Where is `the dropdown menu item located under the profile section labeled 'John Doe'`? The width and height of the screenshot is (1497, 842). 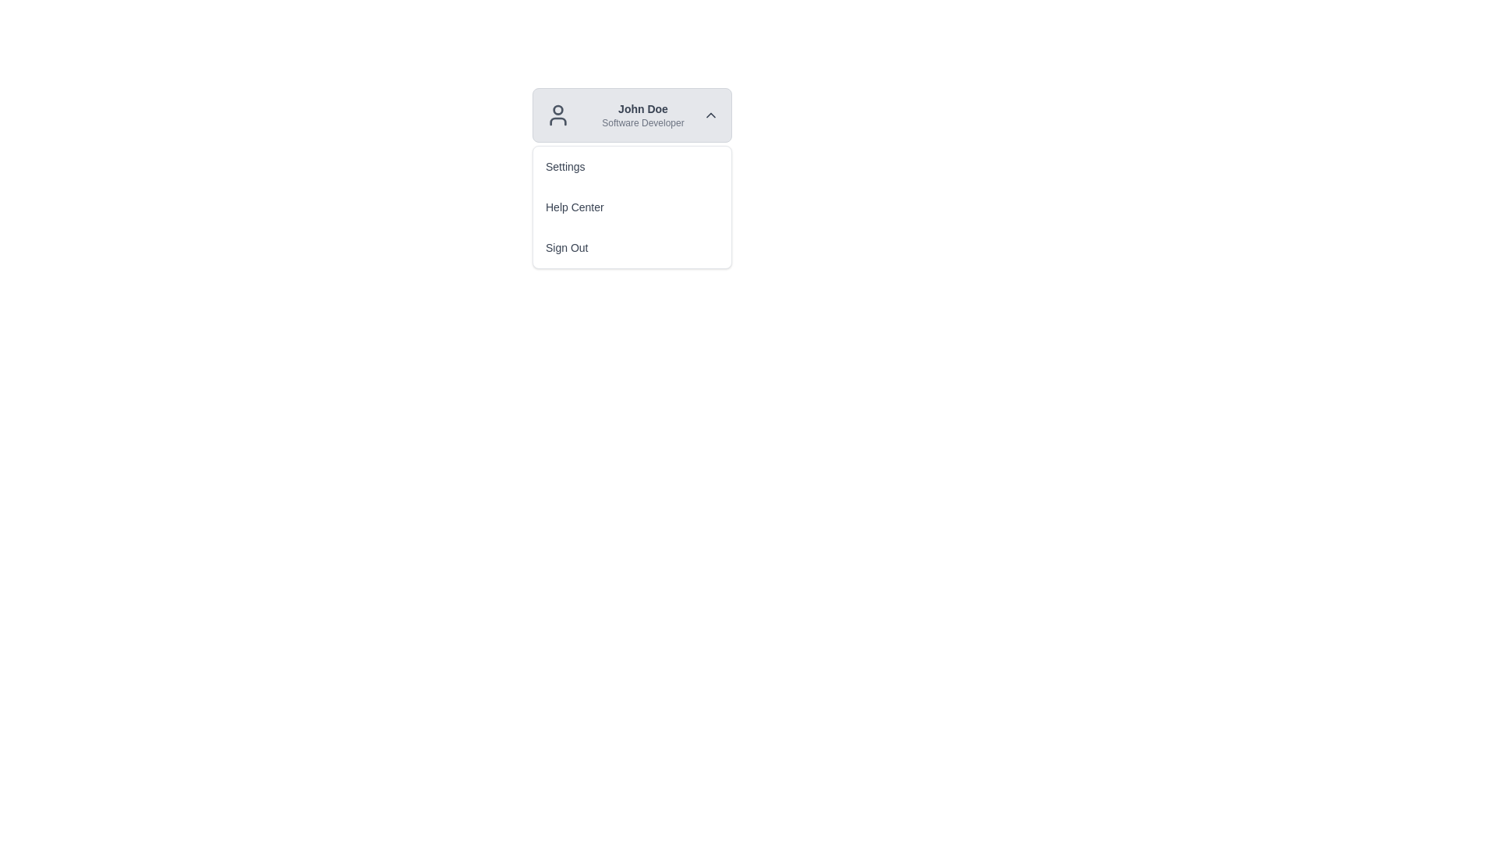
the dropdown menu item located under the profile section labeled 'John Doe' is located at coordinates (632, 207).